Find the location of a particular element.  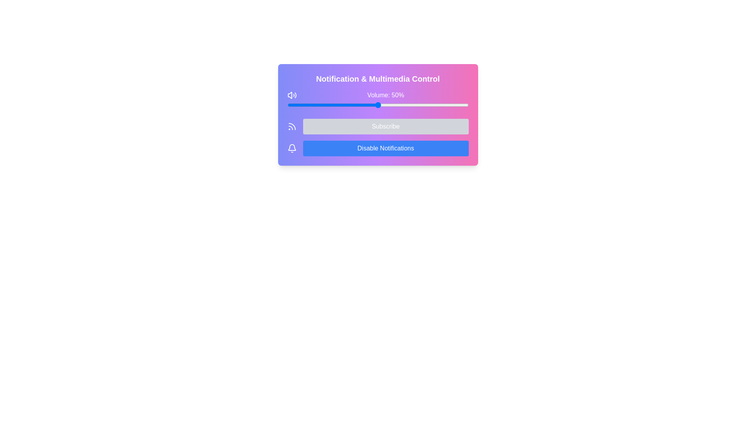

the volume slider is located at coordinates (318, 105).